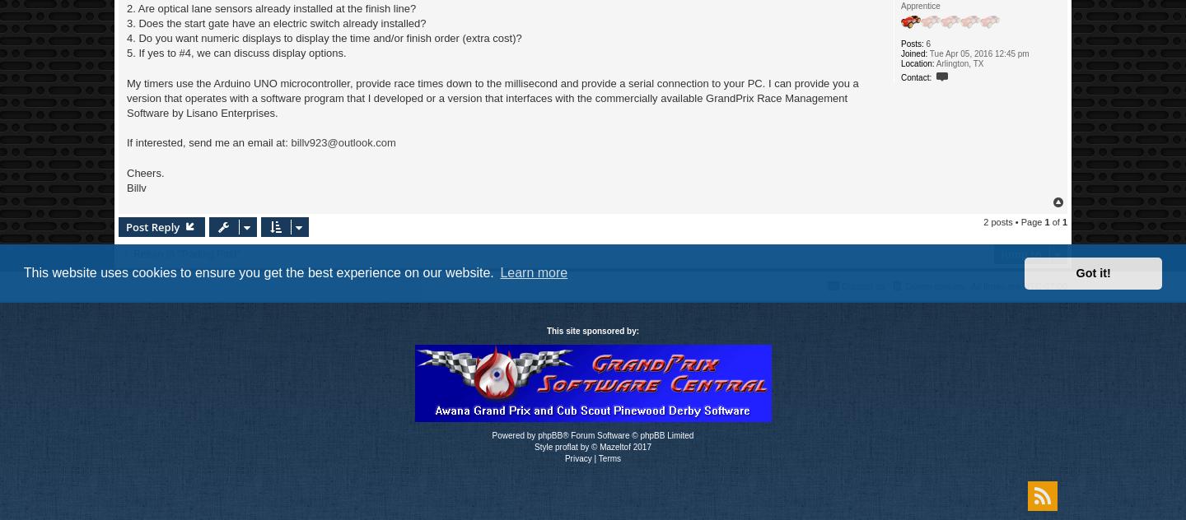 This screenshot has height=520, width=1186. What do you see at coordinates (978, 53) in the screenshot?
I see `'Tue Apr 05, 2016 12:45 pm'` at bounding box center [978, 53].